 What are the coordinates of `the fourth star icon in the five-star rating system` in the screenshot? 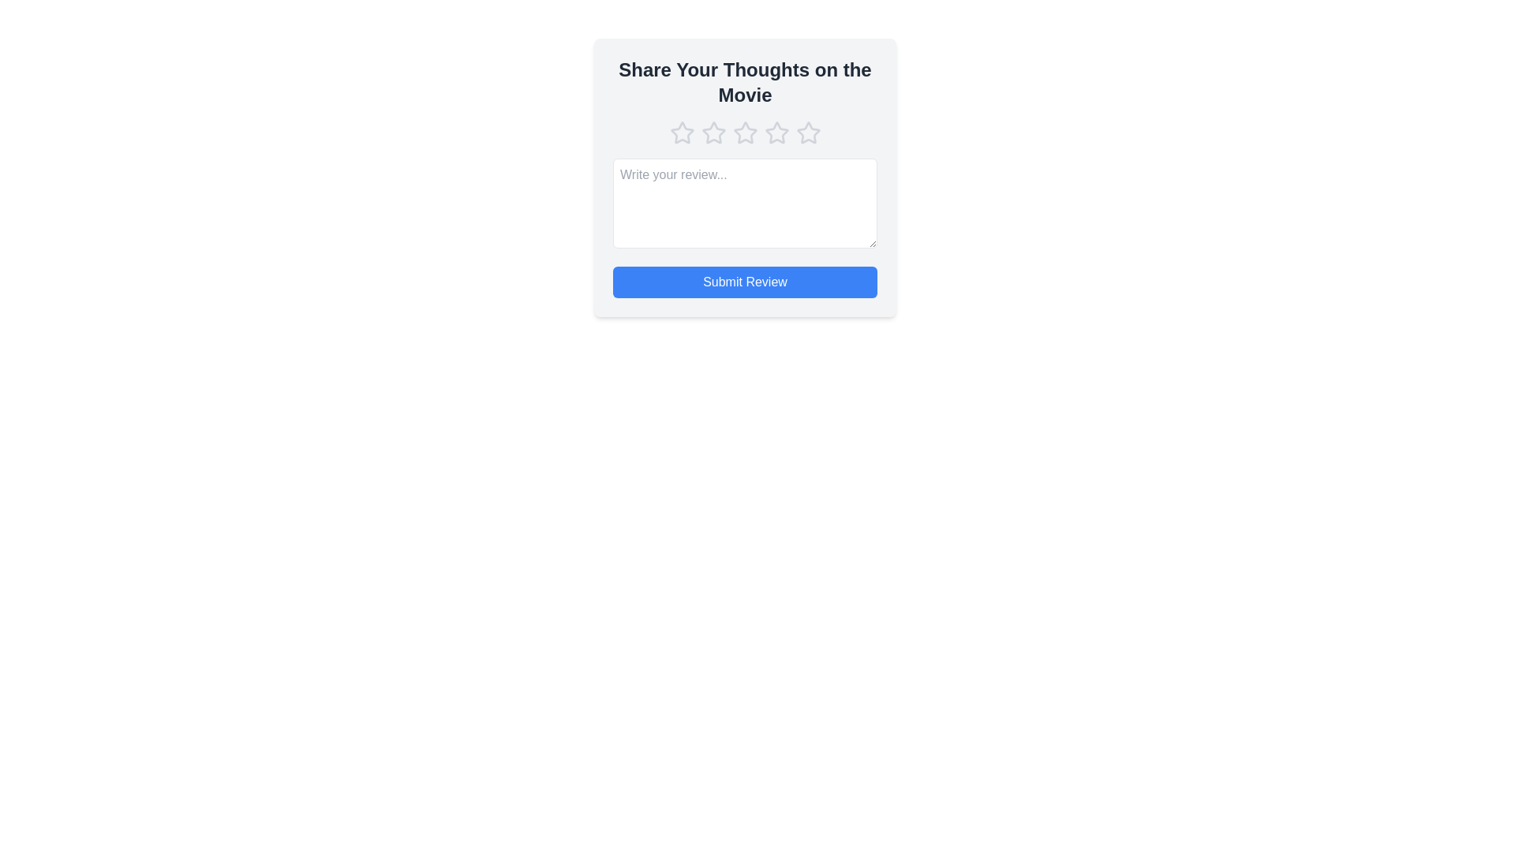 It's located at (776, 133).